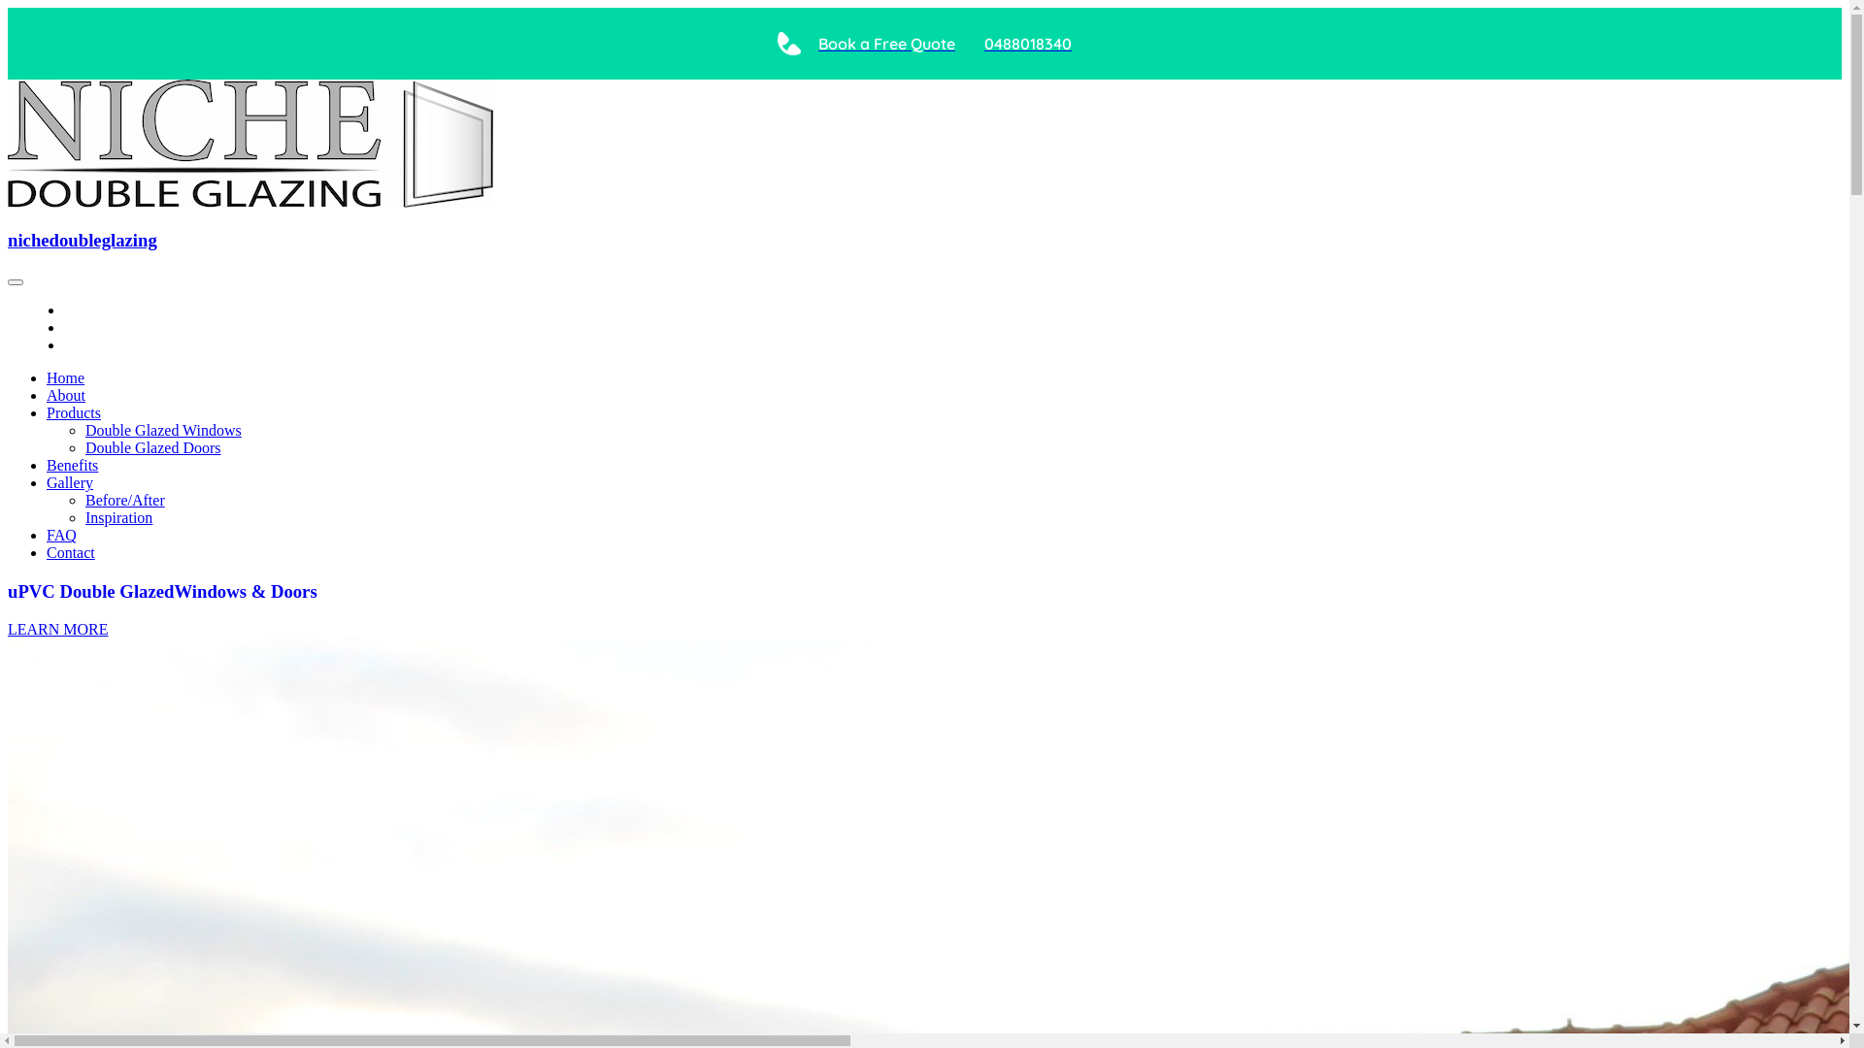 Image resolution: width=1864 pixels, height=1048 pixels. I want to click on 'Gallery', so click(70, 481).